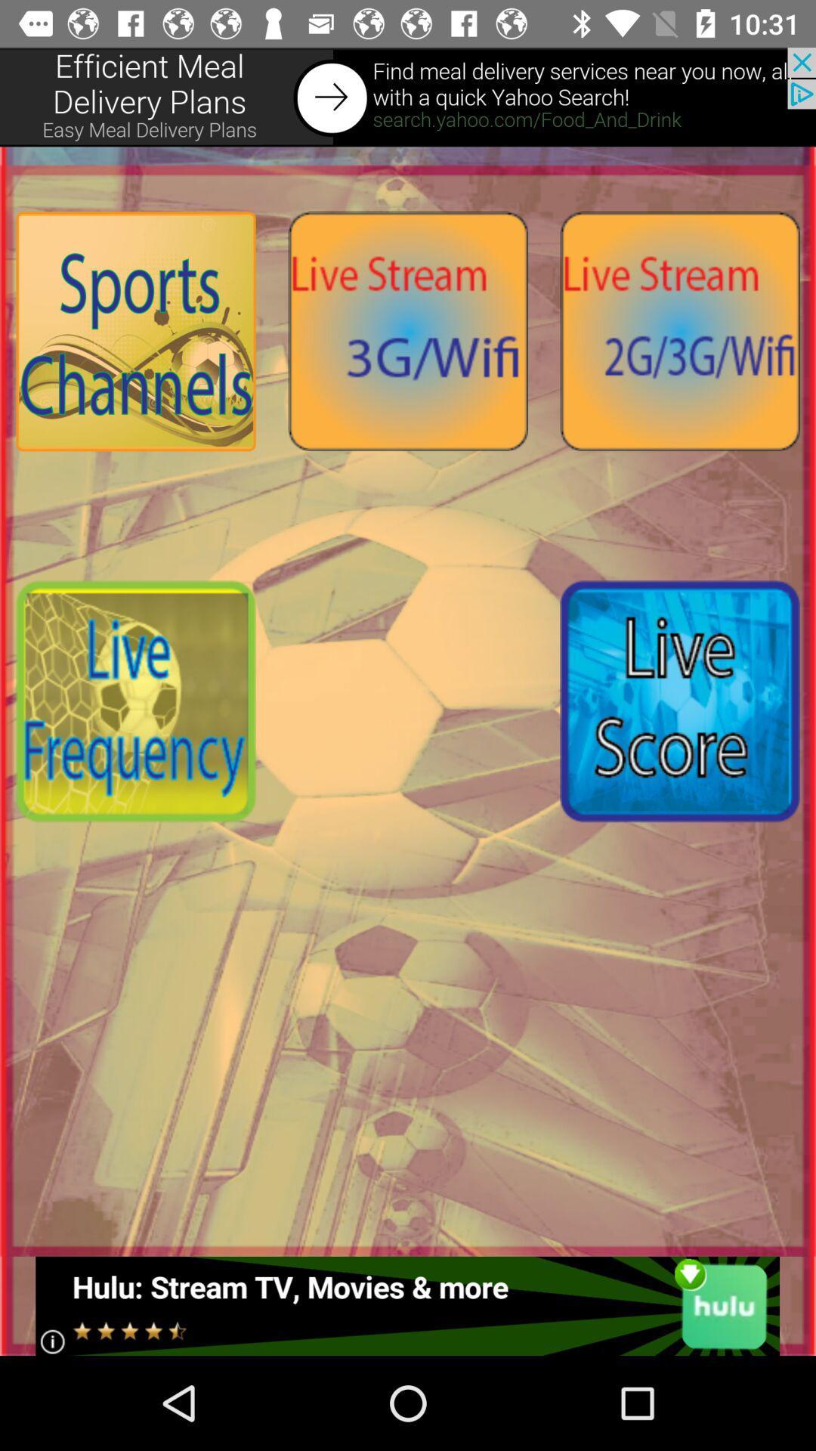  Describe the element at coordinates (136, 701) in the screenshot. I see `live frequency` at that location.